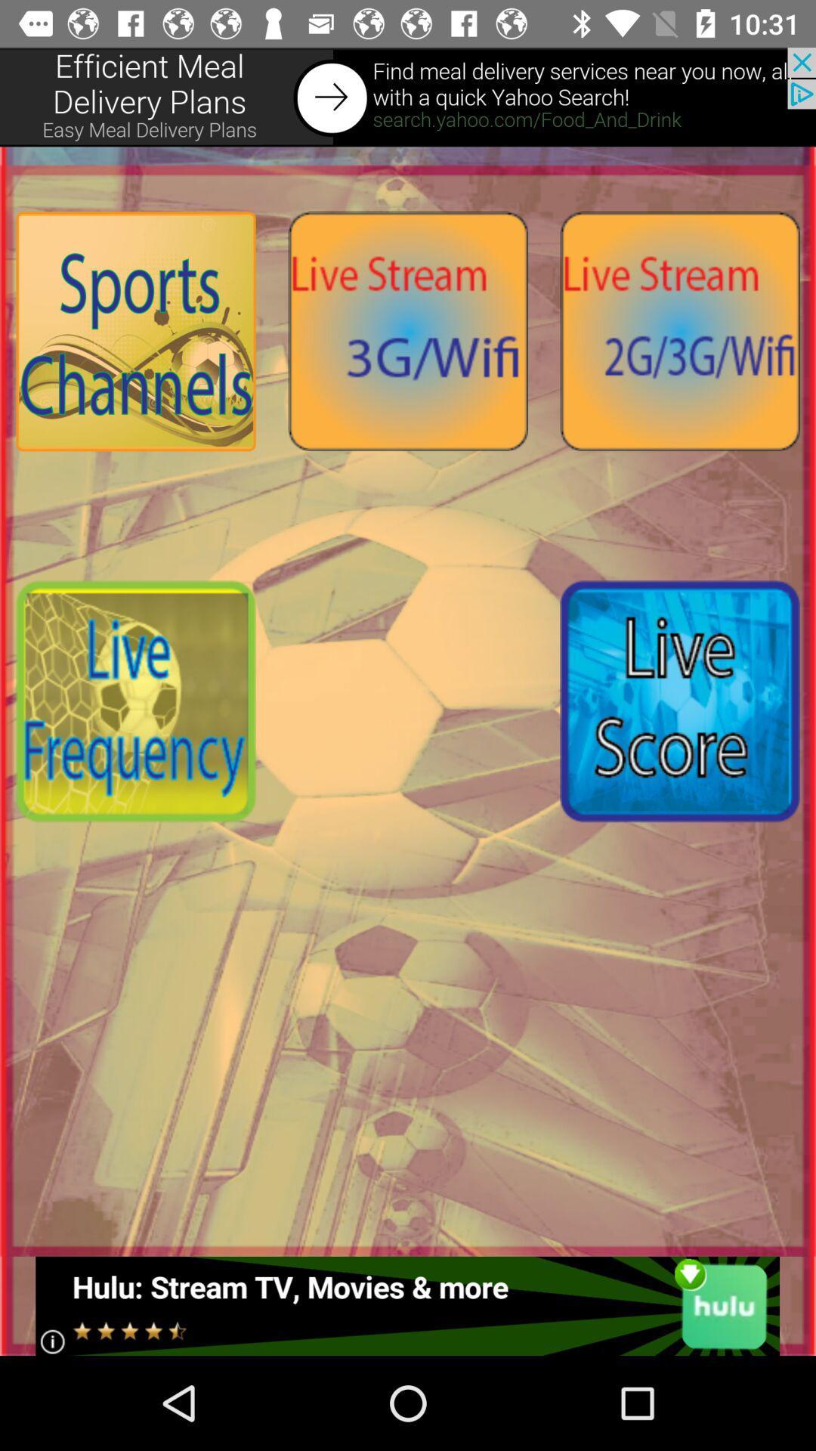  Describe the element at coordinates (136, 701) in the screenshot. I see `live frequency` at that location.